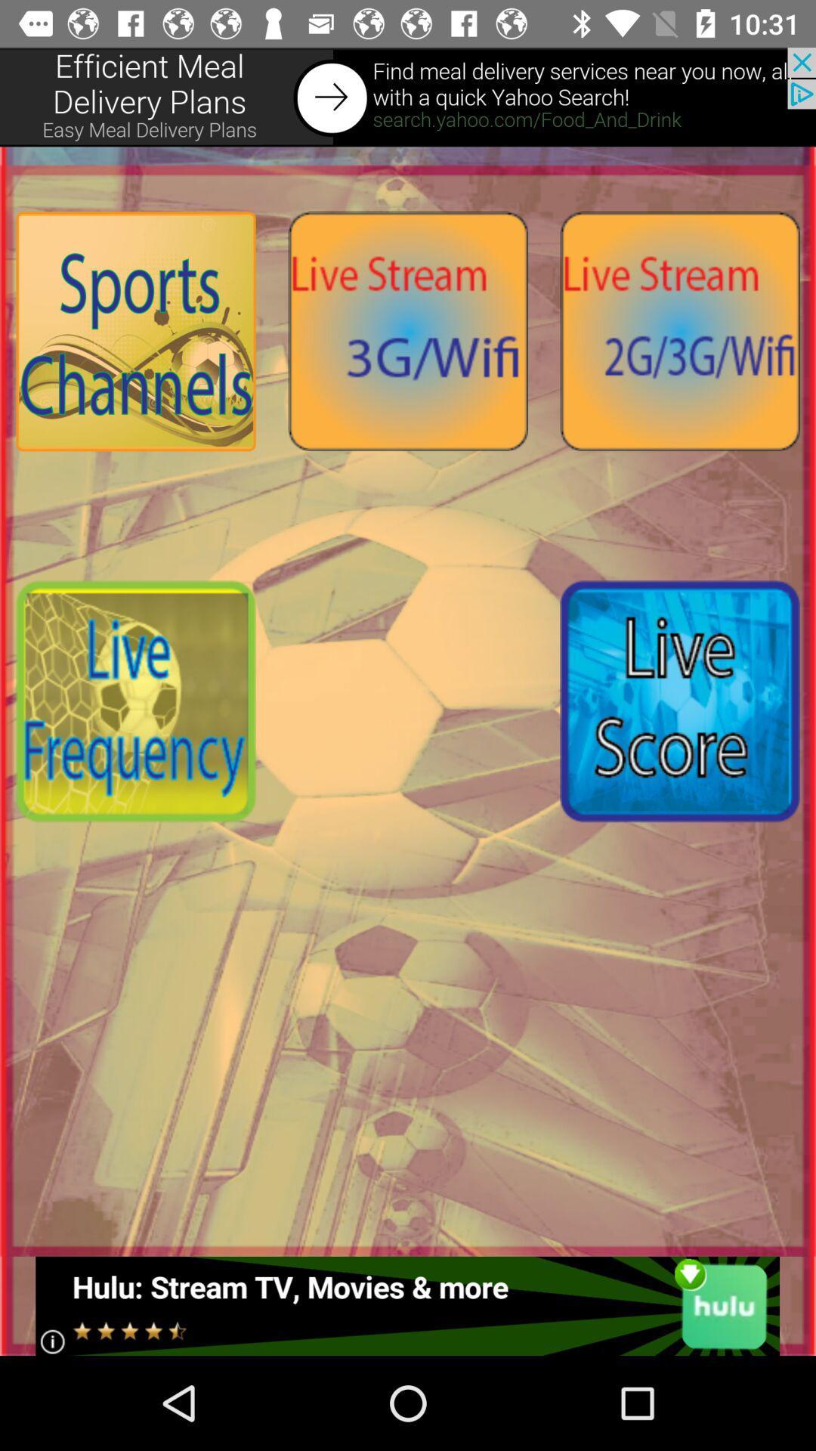  Describe the element at coordinates (136, 701) in the screenshot. I see `live frequency` at that location.